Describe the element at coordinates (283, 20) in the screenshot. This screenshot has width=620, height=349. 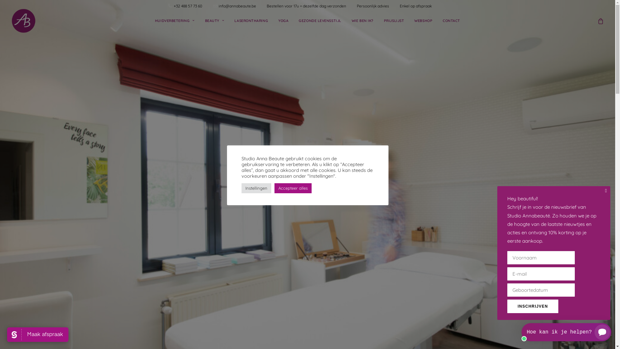
I see `'YOGA'` at that location.